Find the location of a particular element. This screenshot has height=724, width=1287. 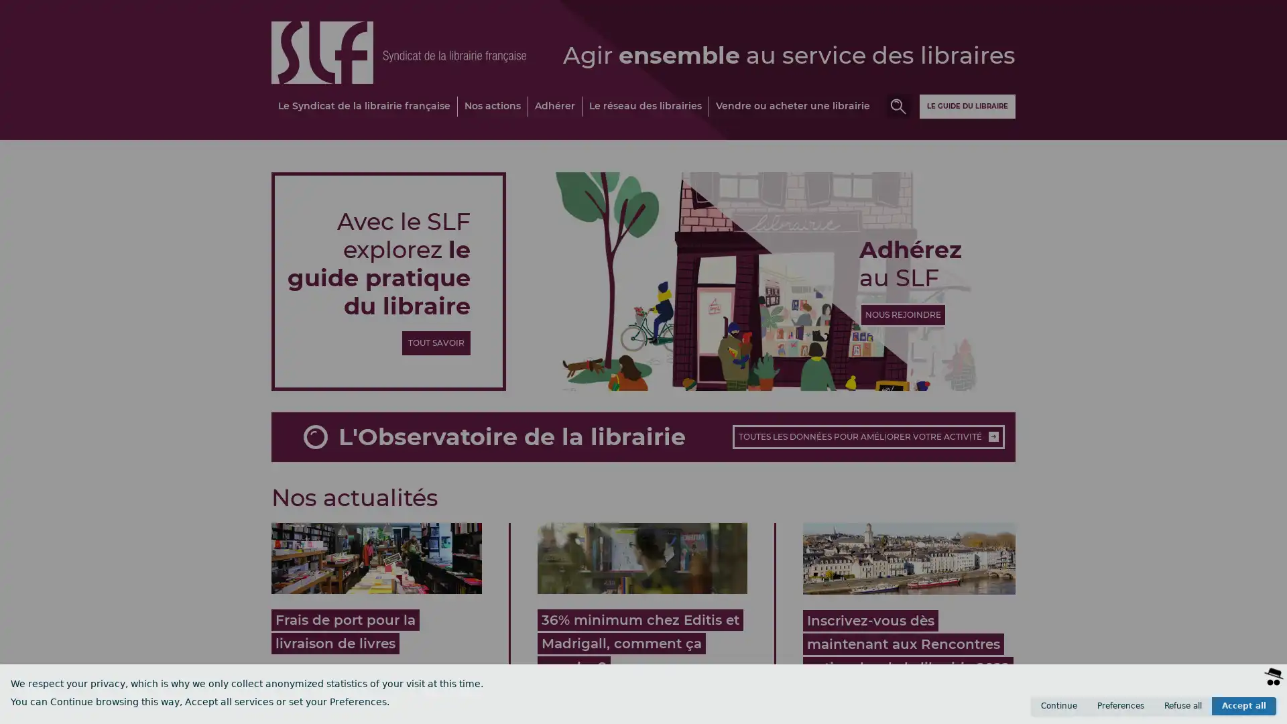

Preferences is located at coordinates (1120, 705).